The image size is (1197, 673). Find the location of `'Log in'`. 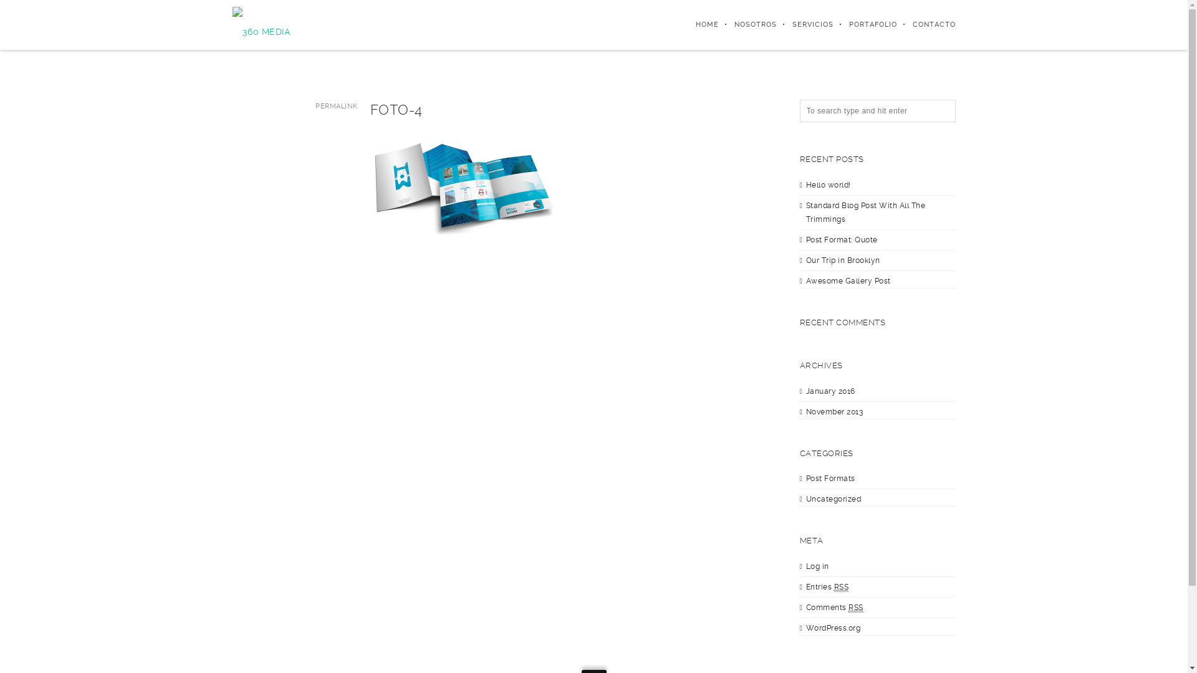

'Log in' is located at coordinates (817, 566).